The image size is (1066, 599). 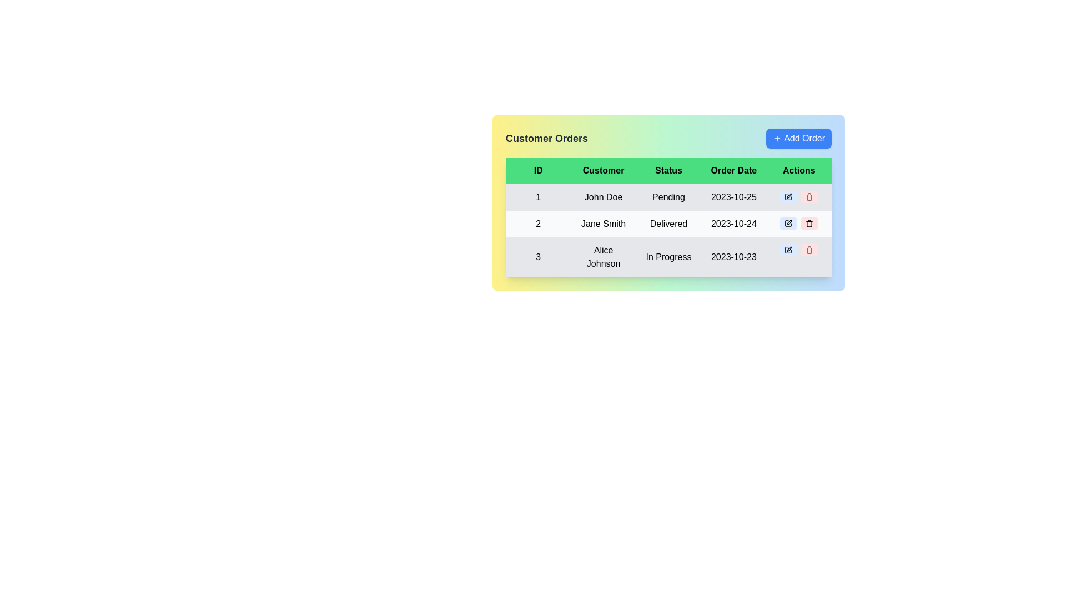 I want to click on the button with a light red background and a trash bin icon located in the 'Actions' column of the second row in the 'Customer Orders' table, so click(x=809, y=223).